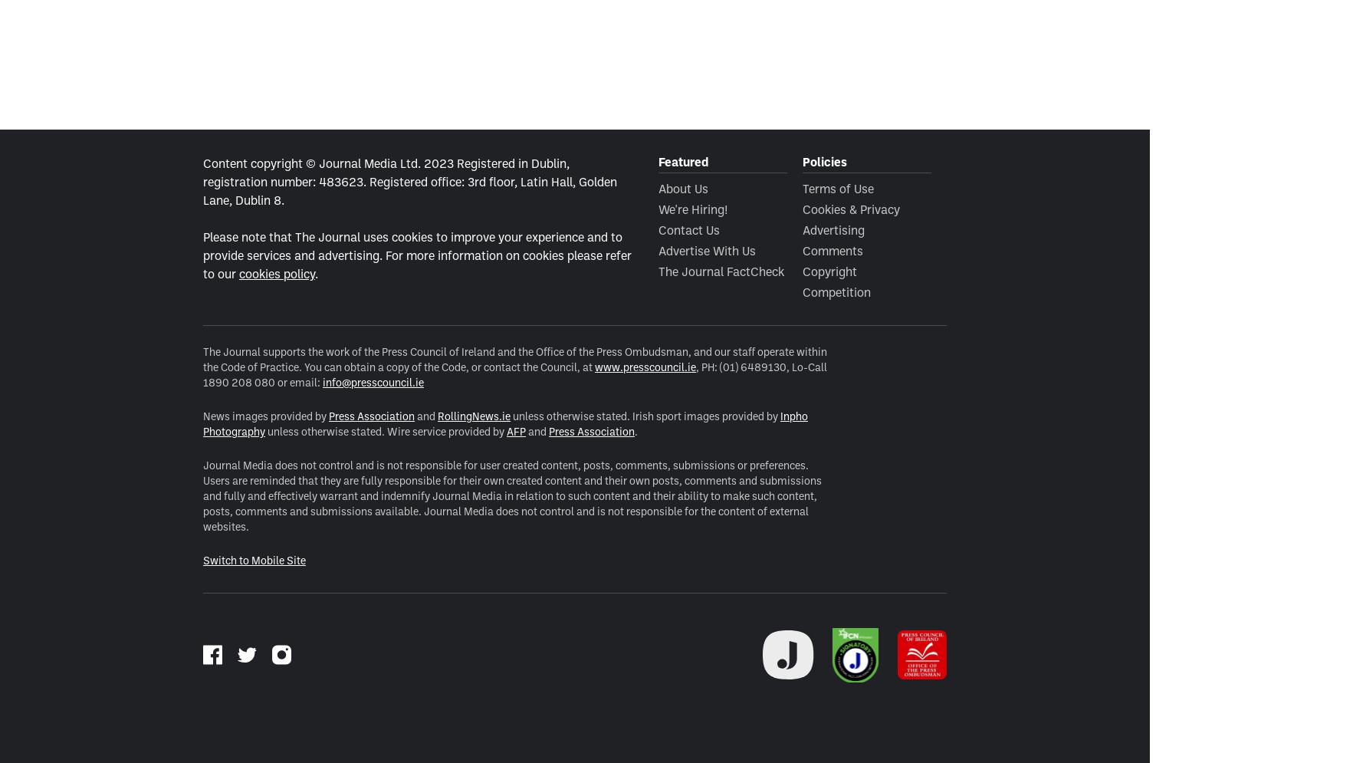 The width and height of the screenshot is (1353, 763). I want to click on 'unless otherwise stated. Wire service provided by', so click(385, 430).